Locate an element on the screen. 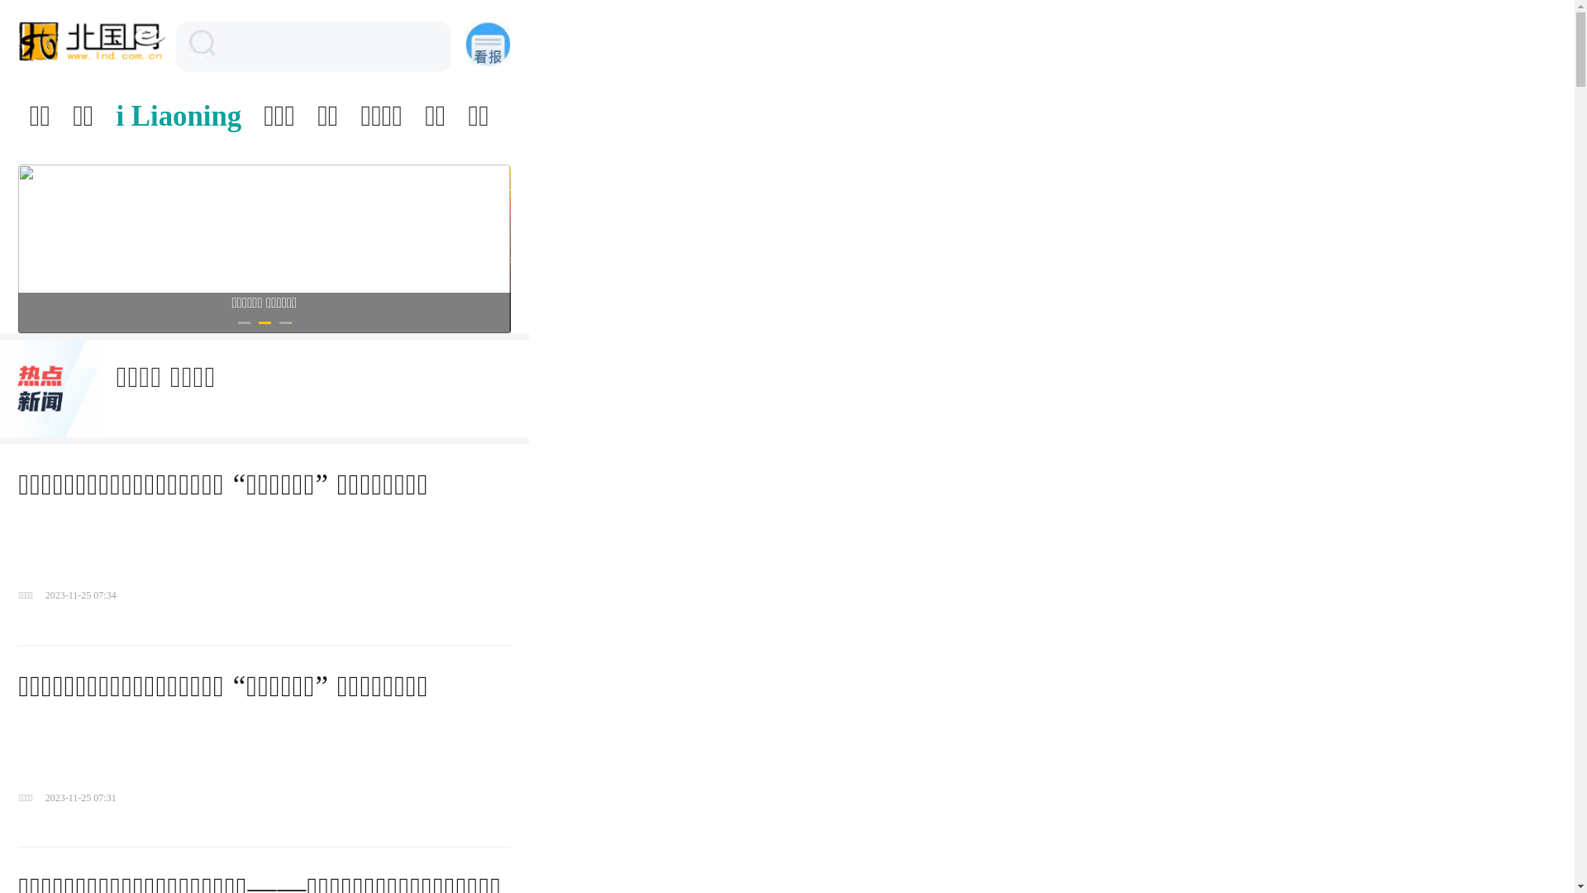 This screenshot has width=1587, height=893. 'i Liaoning' is located at coordinates (179, 116).